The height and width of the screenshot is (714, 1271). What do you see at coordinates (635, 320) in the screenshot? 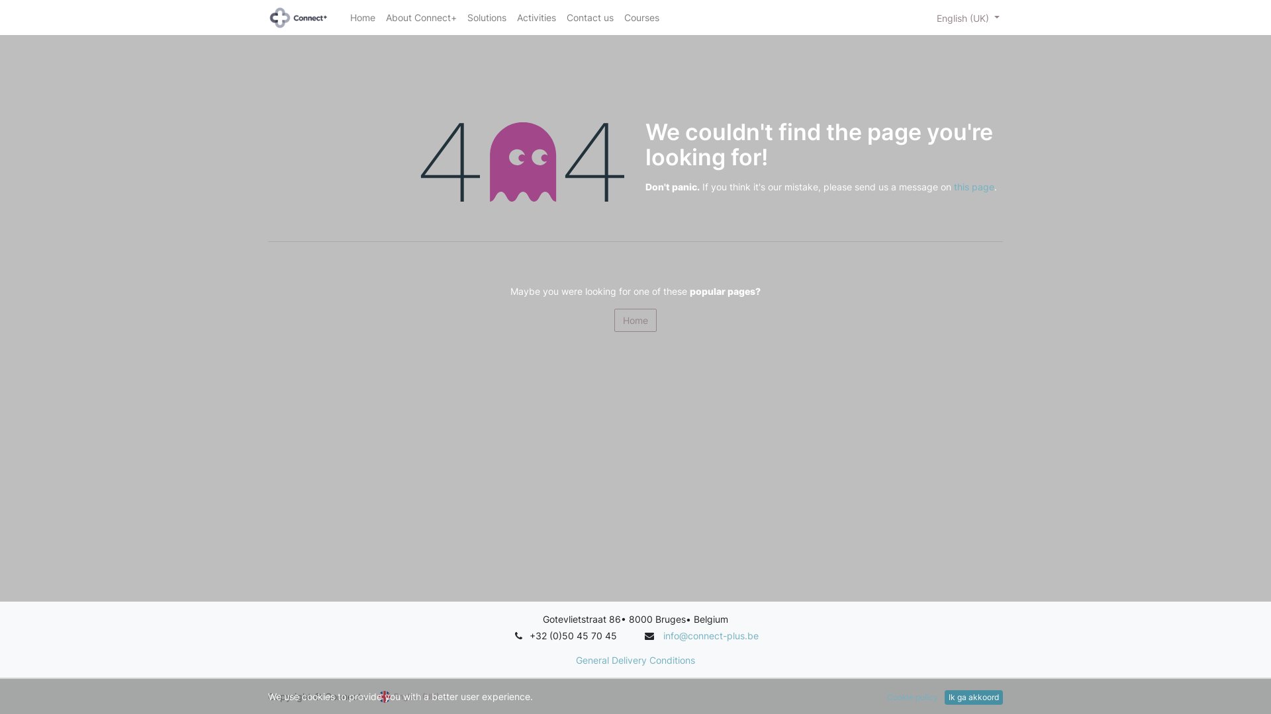
I see `'Home'` at bounding box center [635, 320].